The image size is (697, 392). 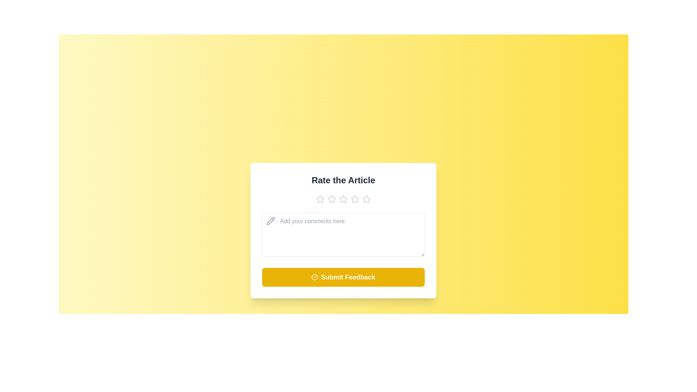 I want to click on the editing icon located in the top-left corner of the comment input box, which indicates editing capability for the associated text input field, so click(x=270, y=220).